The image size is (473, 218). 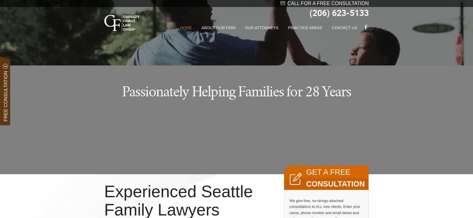 I want to click on 'CONTACT US', so click(x=344, y=28).